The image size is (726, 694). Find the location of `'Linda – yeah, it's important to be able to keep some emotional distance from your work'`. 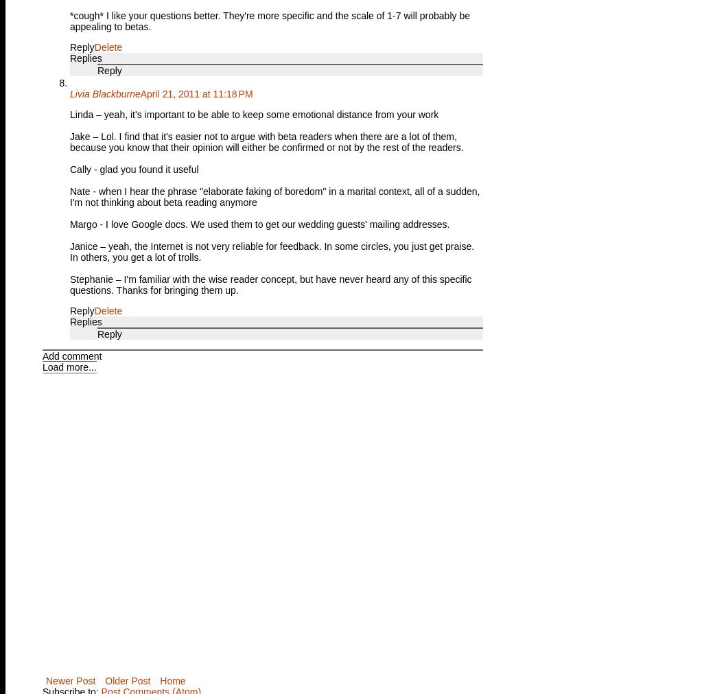

'Linda – yeah, it's important to be able to keep some emotional distance from your work' is located at coordinates (254, 114).